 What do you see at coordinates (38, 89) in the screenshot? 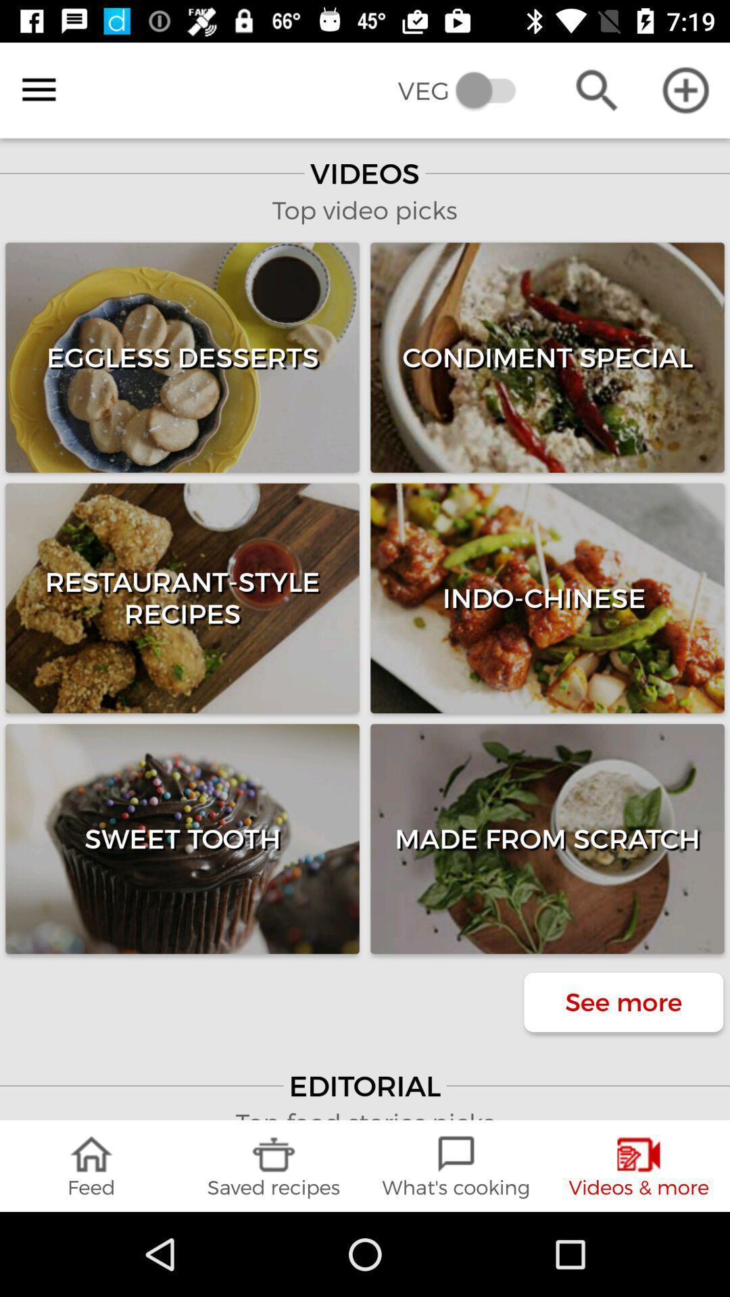
I see `icon to the left of veg icon` at bounding box center [38, 89].